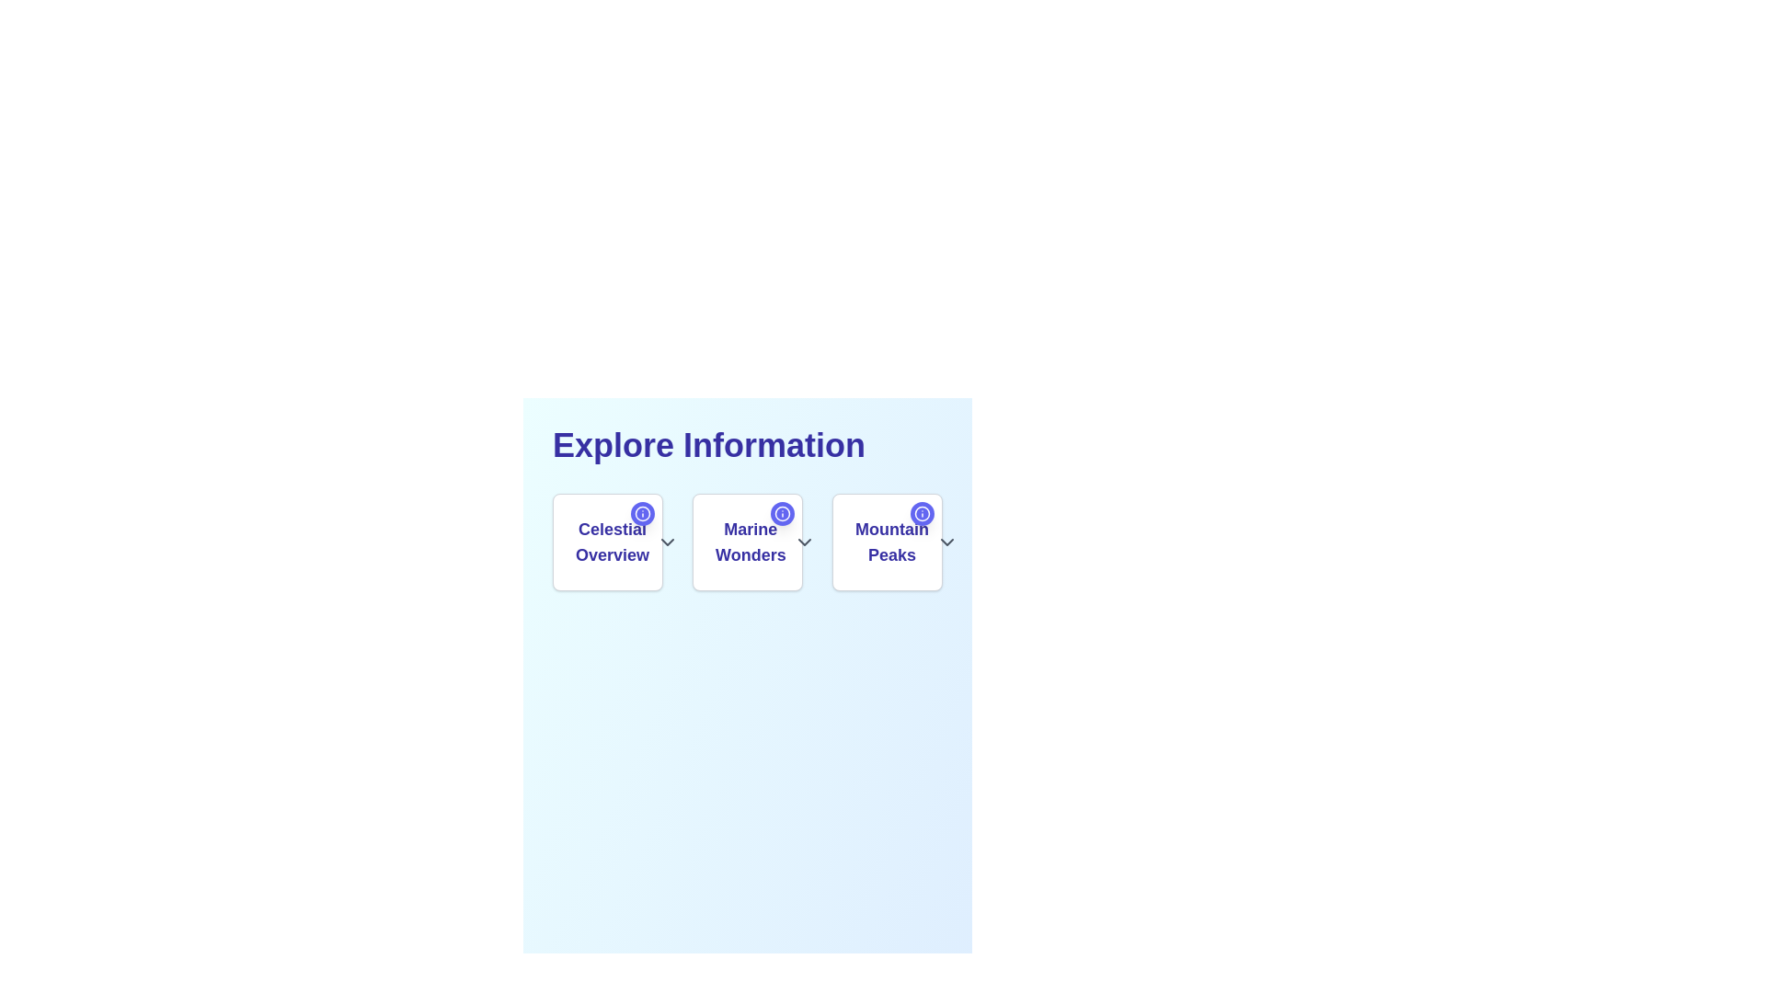 This screenshot has width=1766, height=993. I want to click on the circular button with a blue-purple background and white border that contains an info icon, so click(643, 514).